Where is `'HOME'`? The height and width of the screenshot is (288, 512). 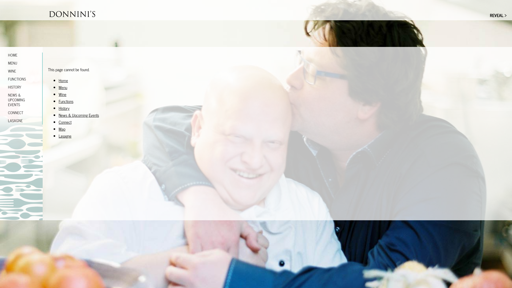
'HOME' is located at coordinates (21, 55).